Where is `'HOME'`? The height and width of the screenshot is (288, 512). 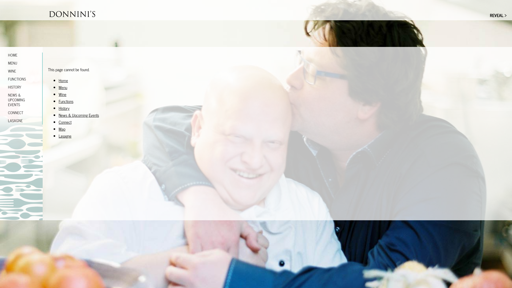
'HOME' is located at coordinates (21, 55).